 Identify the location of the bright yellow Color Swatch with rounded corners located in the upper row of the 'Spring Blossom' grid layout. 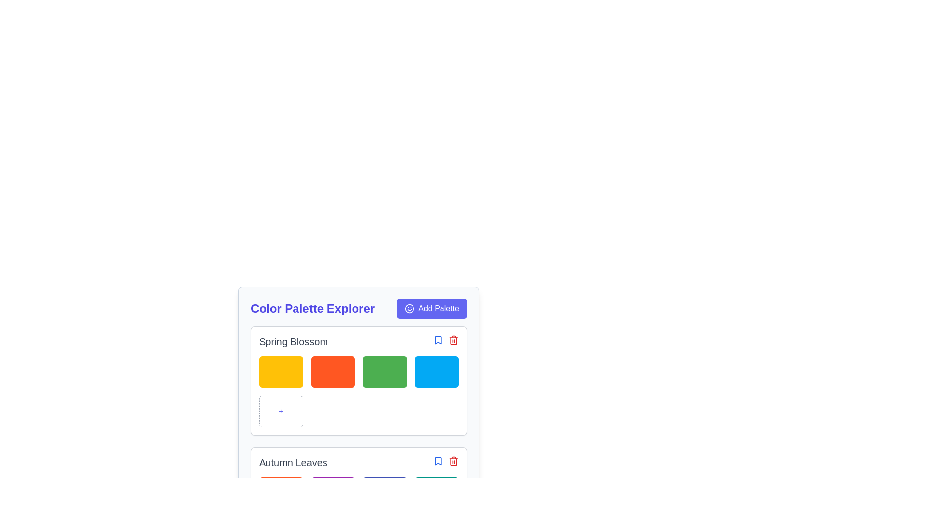
(280, 372).